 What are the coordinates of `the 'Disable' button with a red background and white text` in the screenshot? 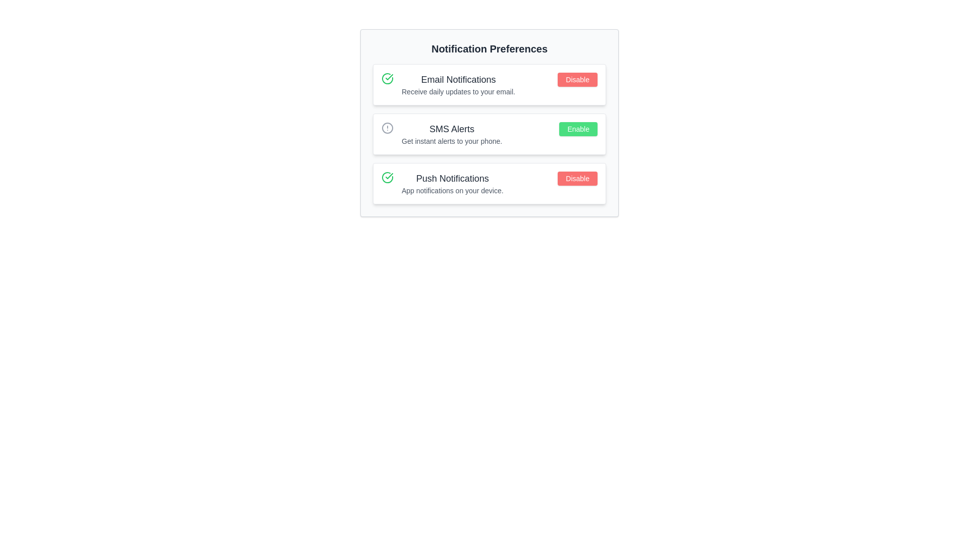 It's located at (577, 178).